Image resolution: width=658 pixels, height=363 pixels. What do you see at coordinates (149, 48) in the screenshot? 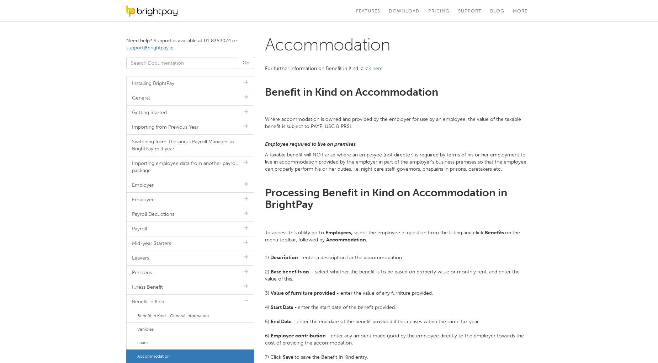
I see `'support@brightpay.ie'` at bounding box center [149, 48].